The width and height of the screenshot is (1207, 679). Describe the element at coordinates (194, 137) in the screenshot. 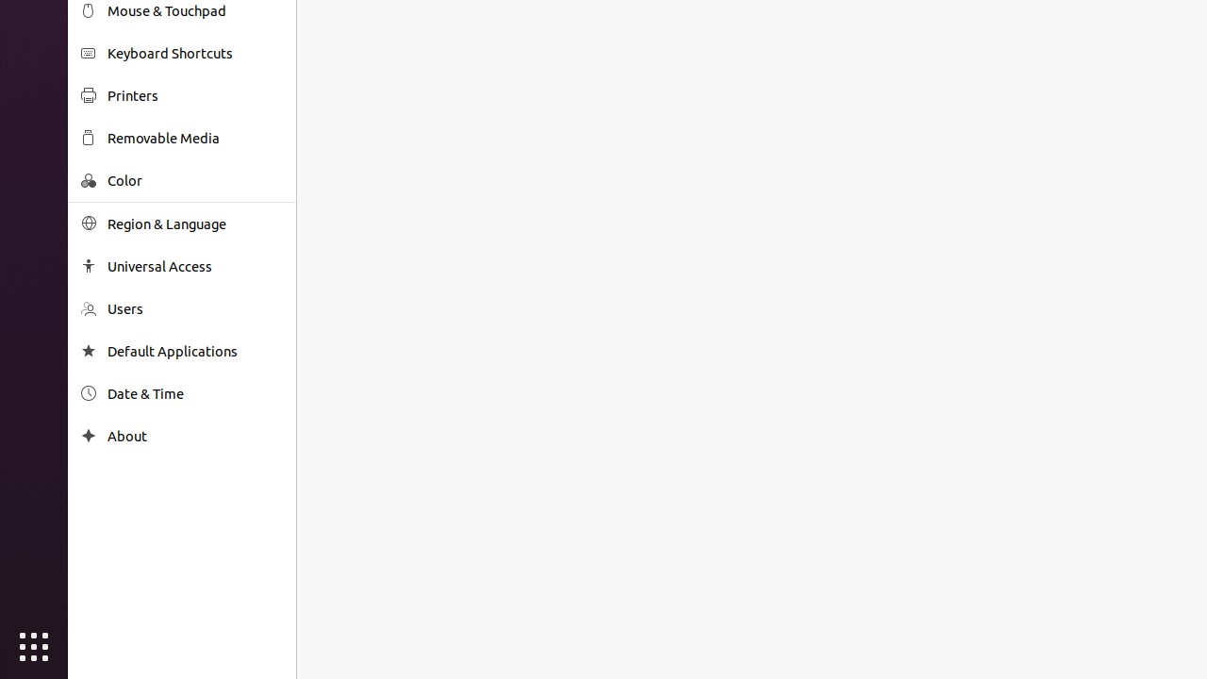

I see `'Removable Media'` at that location.